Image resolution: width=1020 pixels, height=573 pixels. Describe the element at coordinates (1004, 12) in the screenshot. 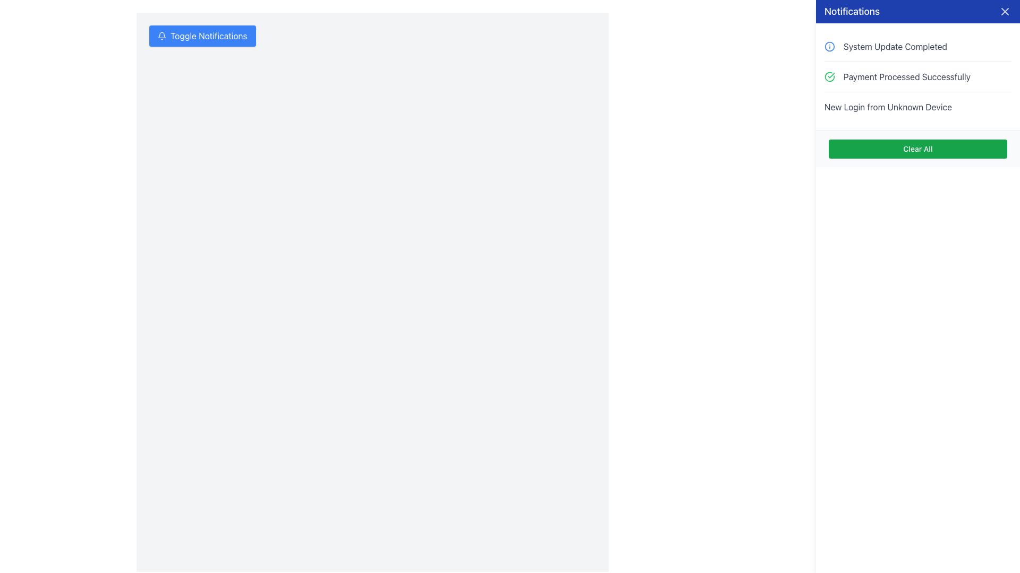

I see `the close (X) button located at the top-right corner of the notifications panel header` at that location.